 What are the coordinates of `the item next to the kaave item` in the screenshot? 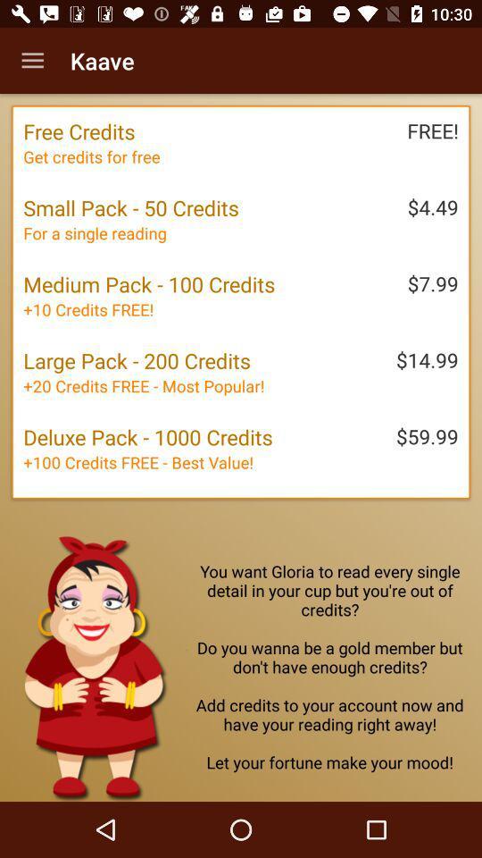 It's located at (32, 61).